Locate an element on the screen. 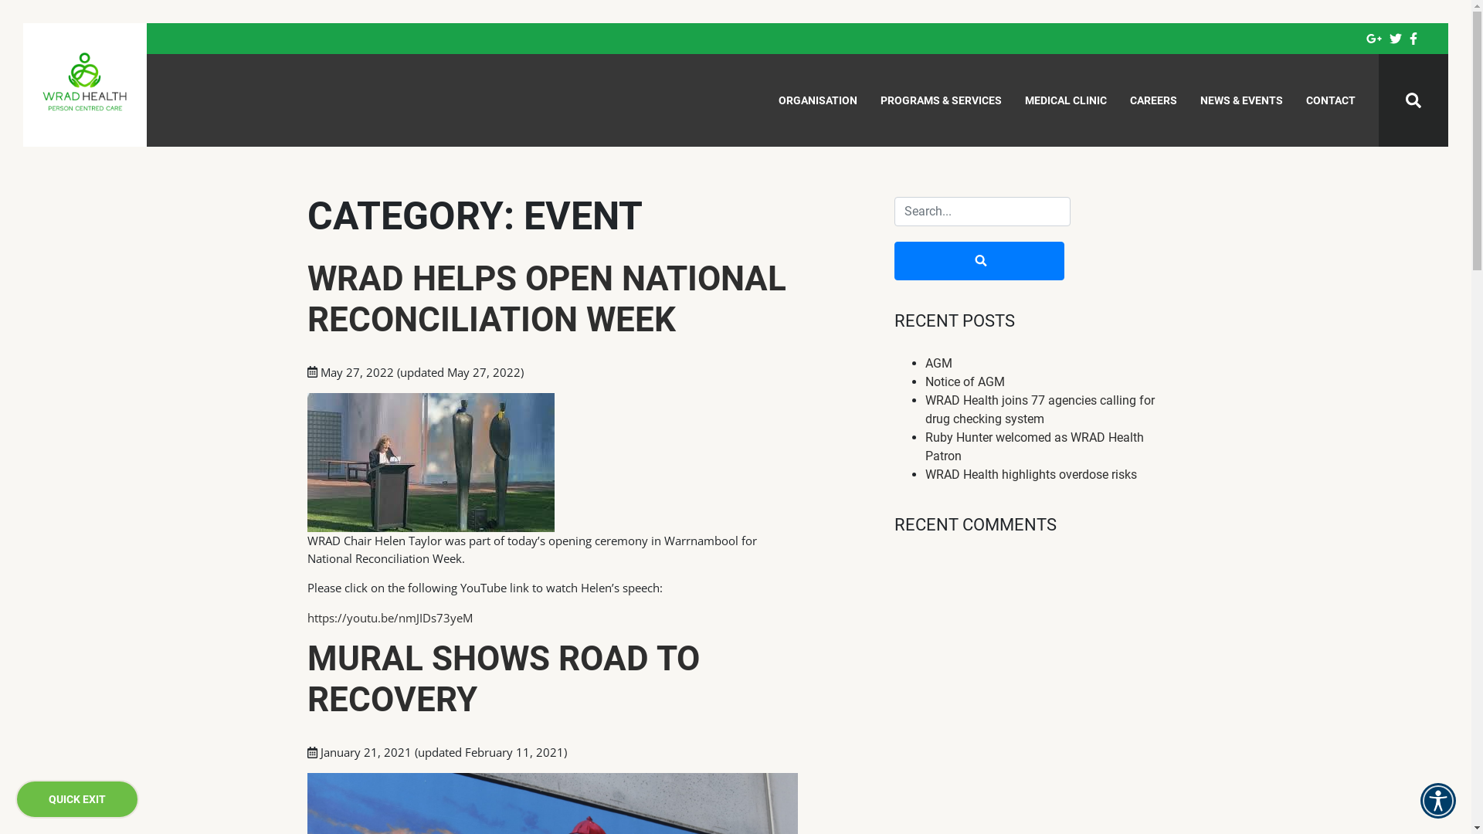 The width and height of the screenshot is (1483, 834). 'MEDICAL CLINIC' is located at coordinates (1065, 100).